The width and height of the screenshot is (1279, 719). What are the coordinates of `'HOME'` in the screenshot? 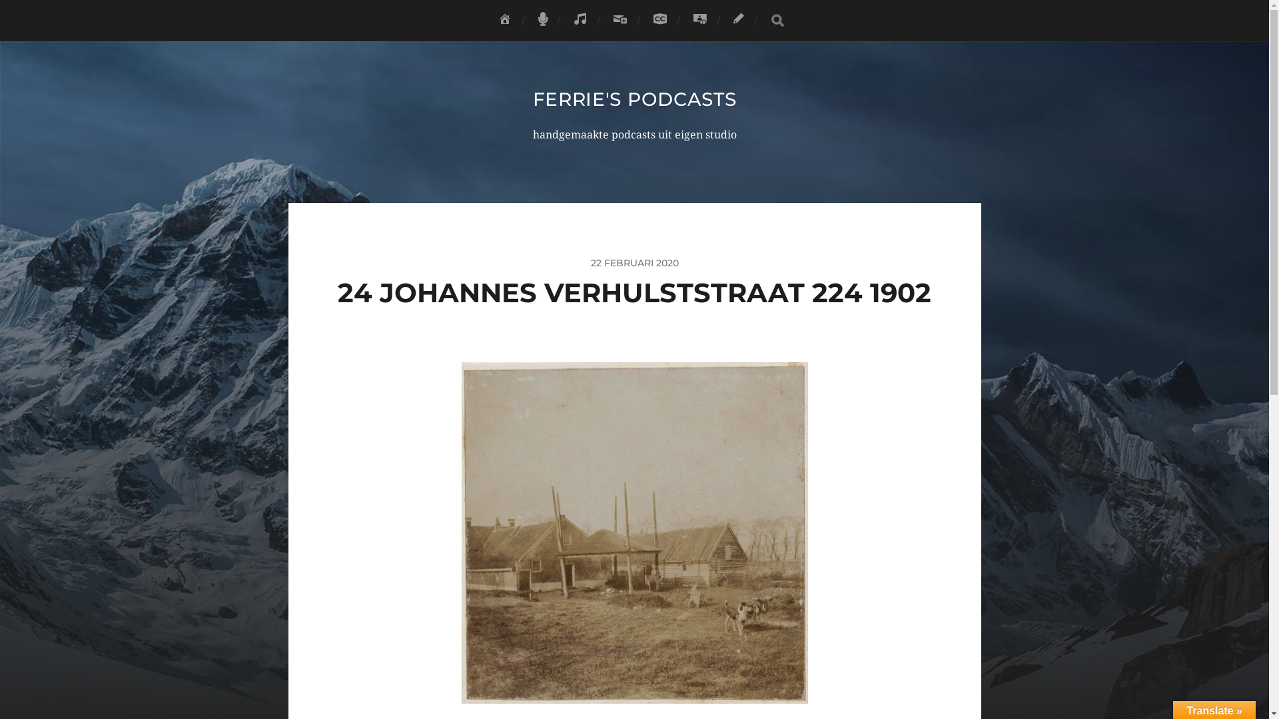 It's located at (504, 20).